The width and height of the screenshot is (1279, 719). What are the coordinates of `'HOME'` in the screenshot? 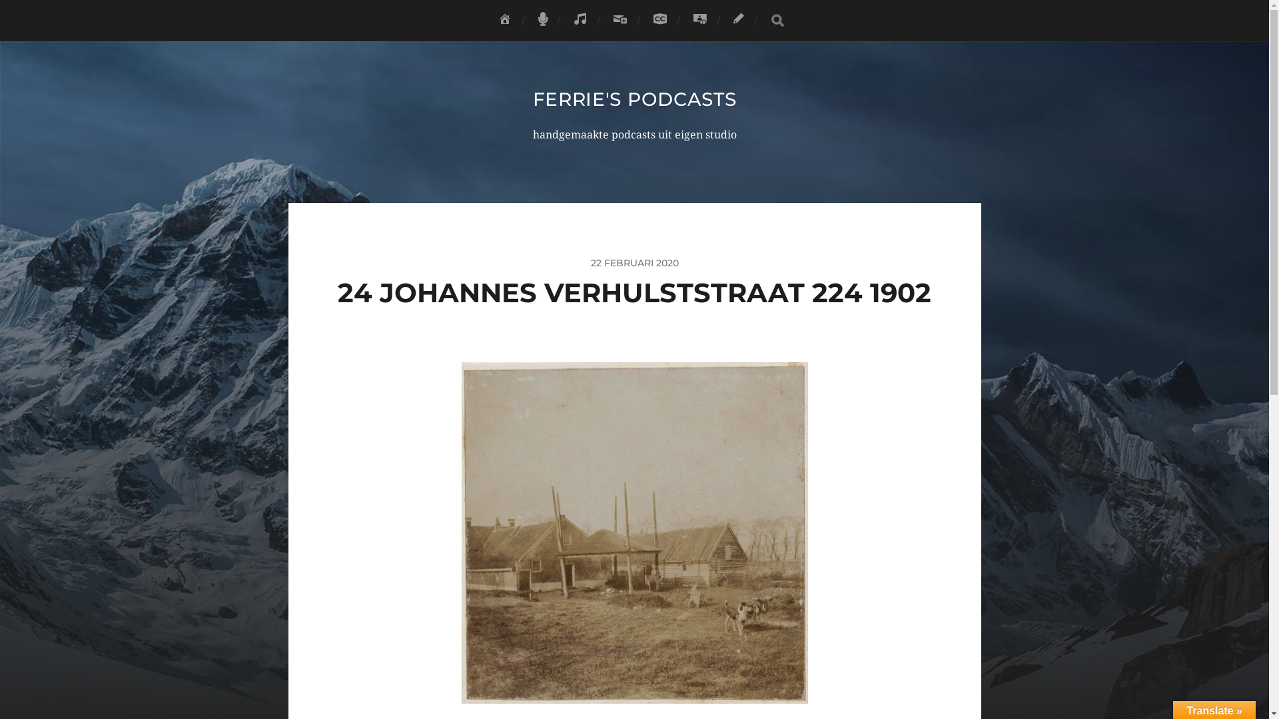 It's located at (504, 20).